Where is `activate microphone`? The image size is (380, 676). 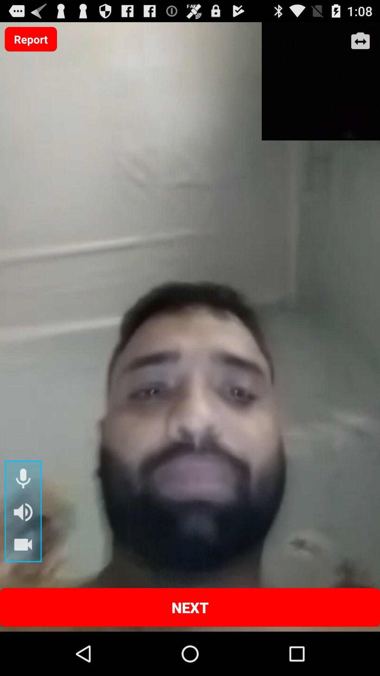
activate microphone is located at coordinates (23, 479).